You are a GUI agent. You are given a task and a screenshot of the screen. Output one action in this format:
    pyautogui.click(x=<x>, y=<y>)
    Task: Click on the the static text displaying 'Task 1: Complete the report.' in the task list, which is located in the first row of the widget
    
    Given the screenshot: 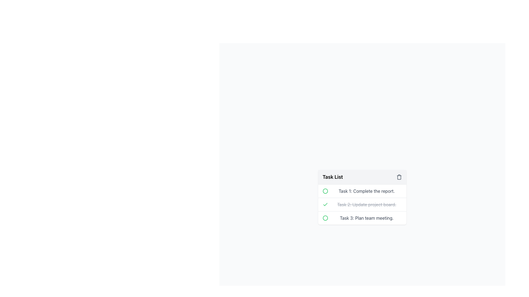 What is the action you would take?
    pyautogui.click(x=366, y=191)
    